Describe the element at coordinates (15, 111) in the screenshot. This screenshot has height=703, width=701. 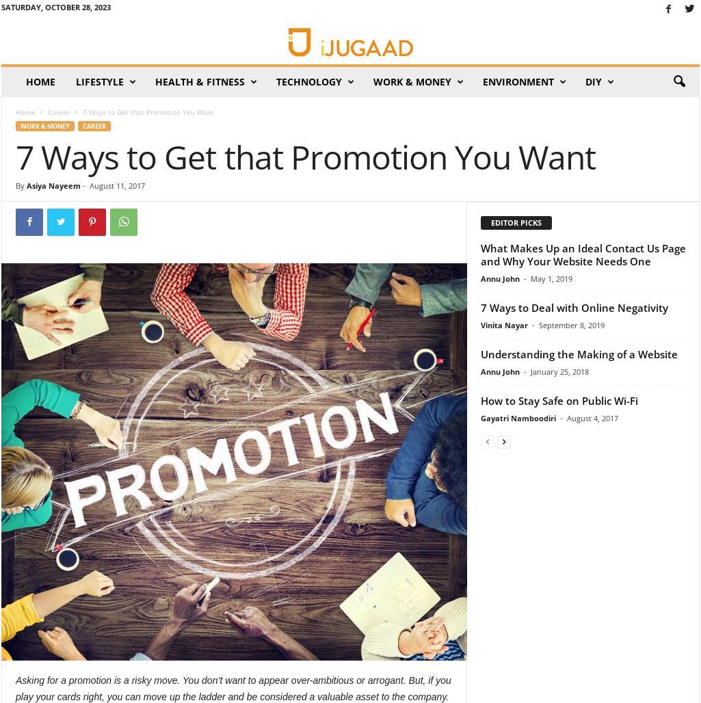
I see `'Home'` at that location.